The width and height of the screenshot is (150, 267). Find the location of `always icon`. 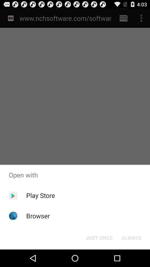

always icon is located at coordinates (131, 237).